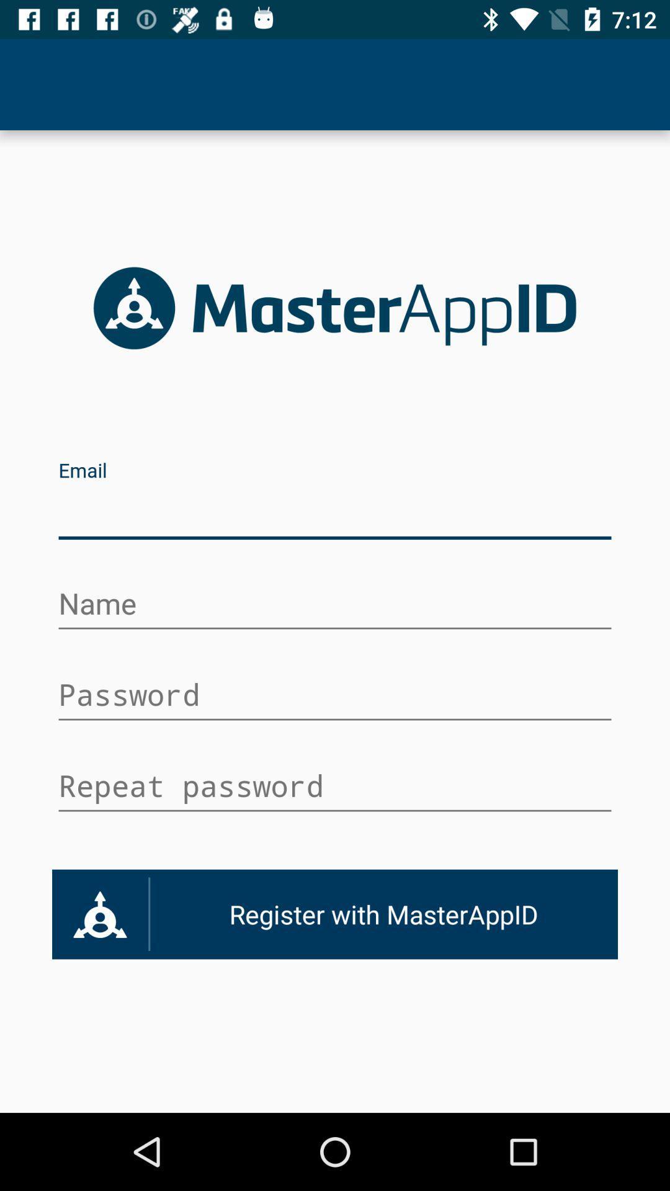  Describe the element at coordinates (335, 514) in the screenshot. I see `box of text for email` at that location.